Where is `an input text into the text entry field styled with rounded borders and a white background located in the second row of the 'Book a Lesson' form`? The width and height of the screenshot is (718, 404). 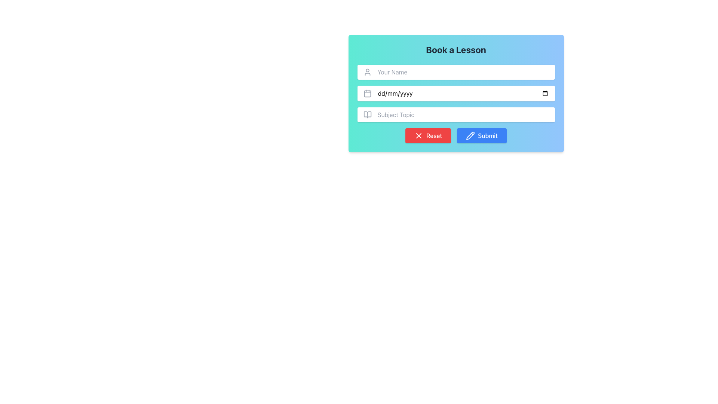
an input text into the text entry field styled with rounded borders and a white background located in the second row of the 'Book a Lesson' form is located at coordinates (455, 93).